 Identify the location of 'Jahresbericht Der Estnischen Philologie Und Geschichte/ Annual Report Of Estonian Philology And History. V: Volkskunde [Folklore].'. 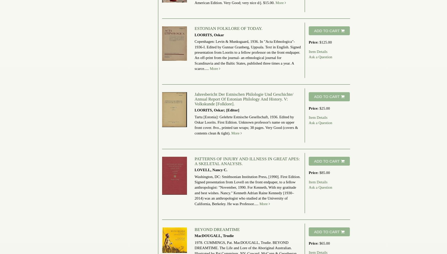
(194, 99).